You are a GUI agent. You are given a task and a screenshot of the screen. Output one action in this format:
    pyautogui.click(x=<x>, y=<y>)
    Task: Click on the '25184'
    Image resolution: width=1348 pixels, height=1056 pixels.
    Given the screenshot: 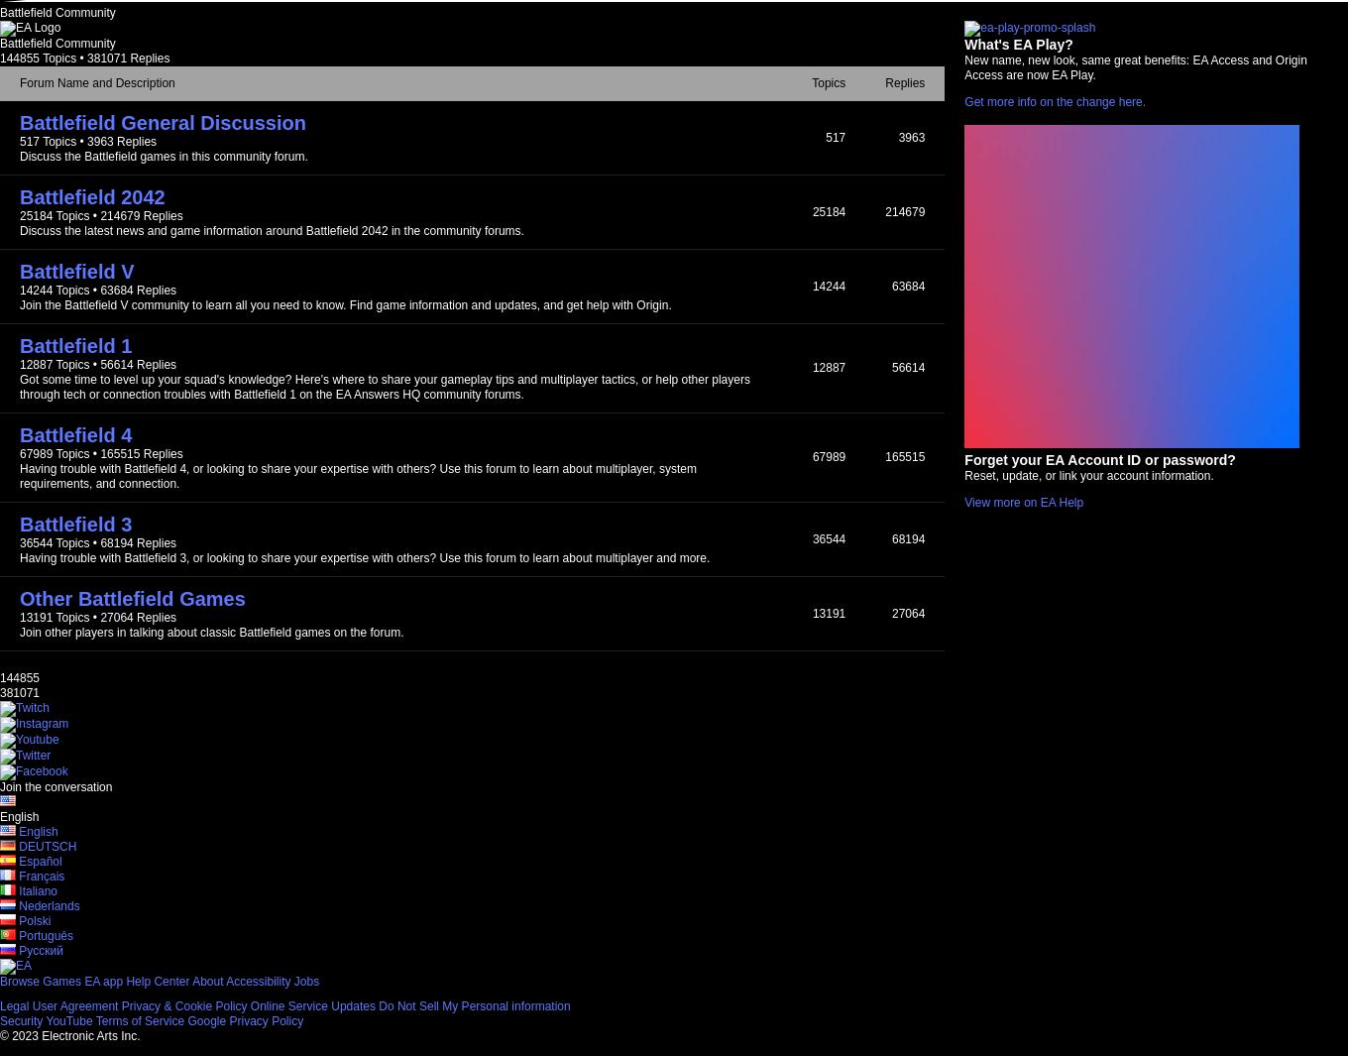 What is the action you would take?
    pyautogui.click(x=828, y=210)
    